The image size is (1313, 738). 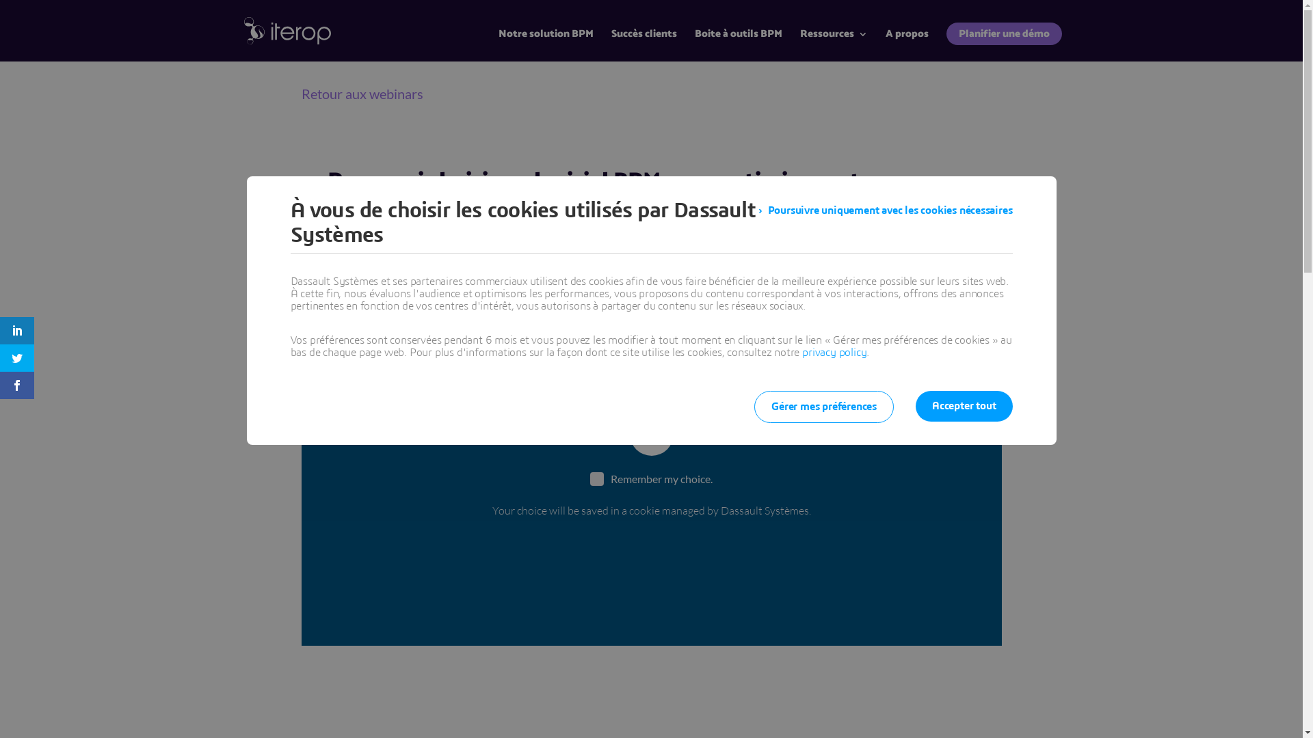 I want to click on 'Accepter tout', so click(x=963, y=405).